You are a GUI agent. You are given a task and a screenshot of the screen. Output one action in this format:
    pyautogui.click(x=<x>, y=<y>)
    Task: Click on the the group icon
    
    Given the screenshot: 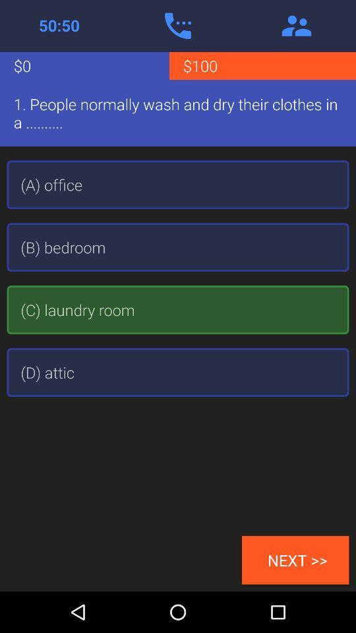 What is the action you would take?
    pyautogui.click(x=296, y=25)
    